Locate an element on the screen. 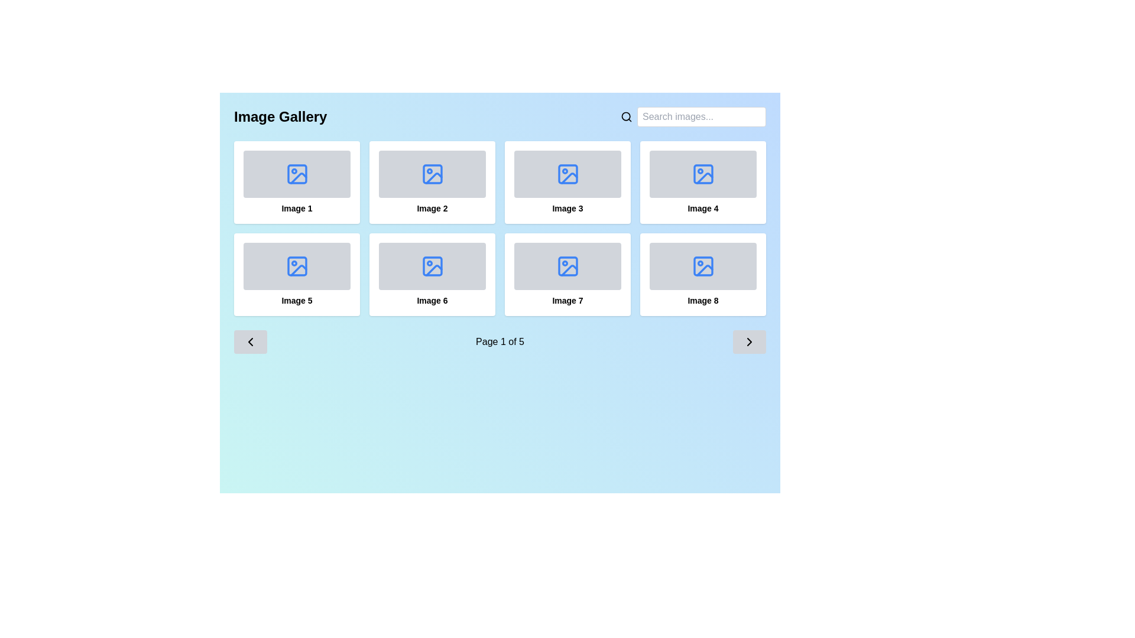  the fourth card in the grid layout, which features a centered blue image icon and the label 'Image 4' beneath it is located at coordinates (703, 182).